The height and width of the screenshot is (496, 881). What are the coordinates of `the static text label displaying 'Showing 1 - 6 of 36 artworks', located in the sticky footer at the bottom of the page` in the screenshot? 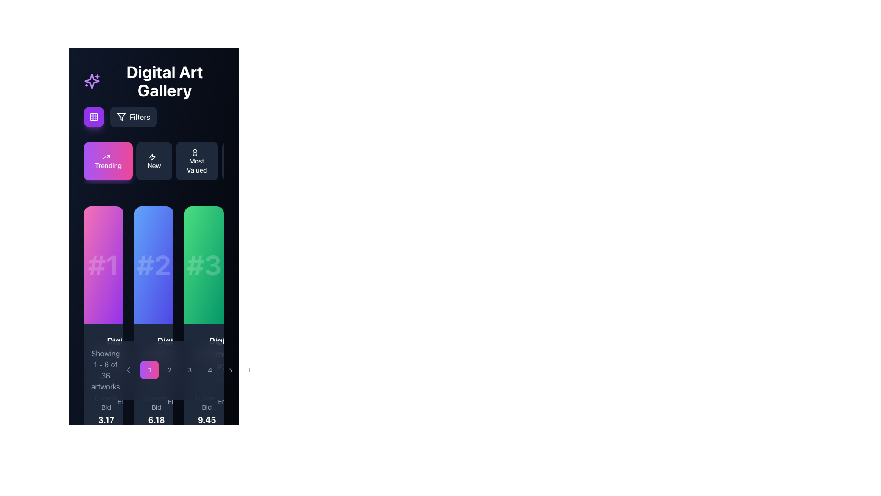 It's located at (106, 370).